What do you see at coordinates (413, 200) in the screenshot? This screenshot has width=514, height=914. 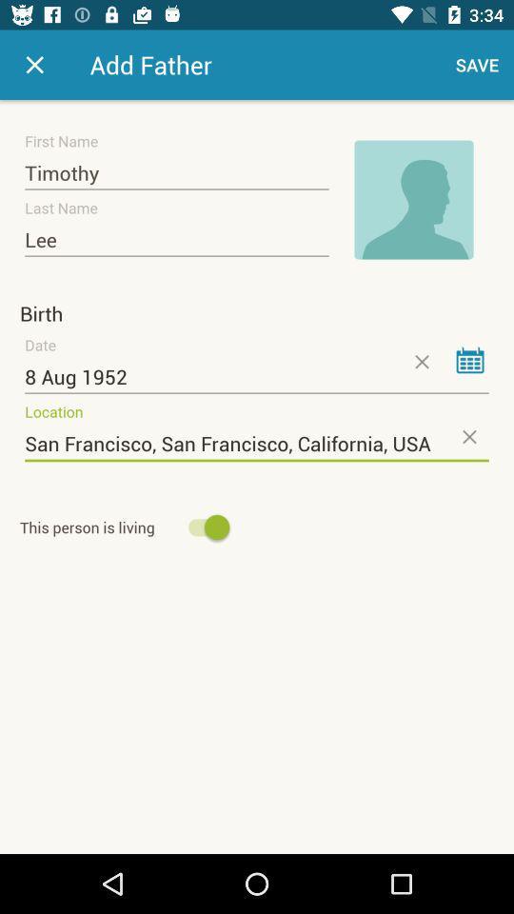 I see `clique para adicionar uma imagem` at bounding box center [413, 200].